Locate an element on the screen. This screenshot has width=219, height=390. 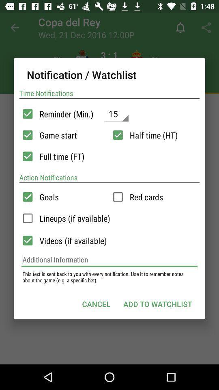
video notification is located at coordinates (27, 240).